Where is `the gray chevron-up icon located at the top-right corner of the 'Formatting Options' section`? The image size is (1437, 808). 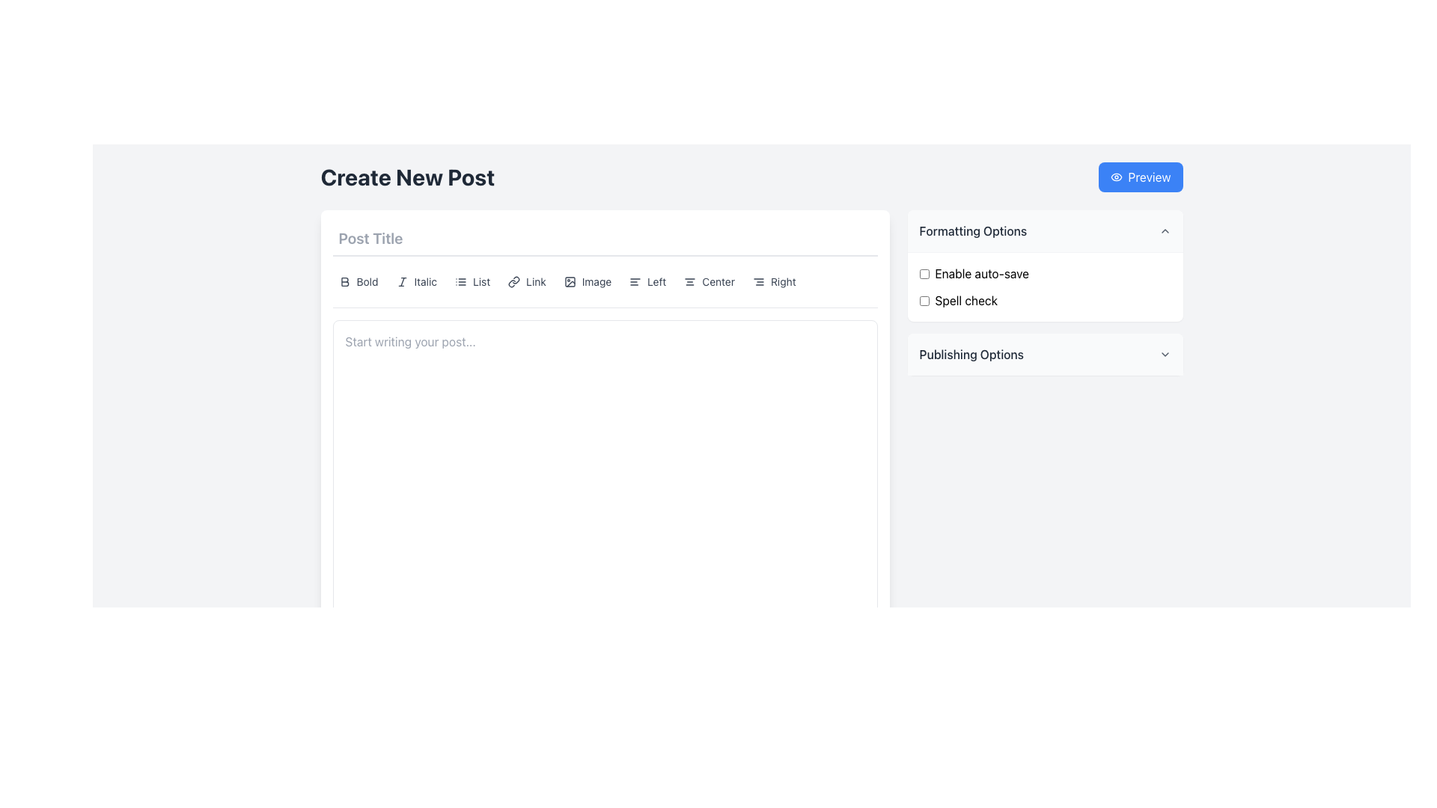
the gray chevron-up icon located at the top-right corner of the 'Formatting Options' section is located at coordinates (1164, 230).